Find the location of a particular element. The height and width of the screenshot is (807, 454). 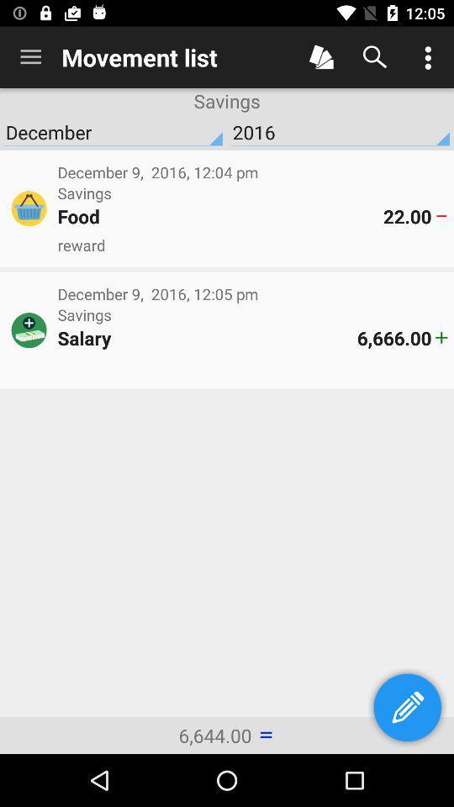

icon above december 9 2016 icon is located at coordinates (251, 244).